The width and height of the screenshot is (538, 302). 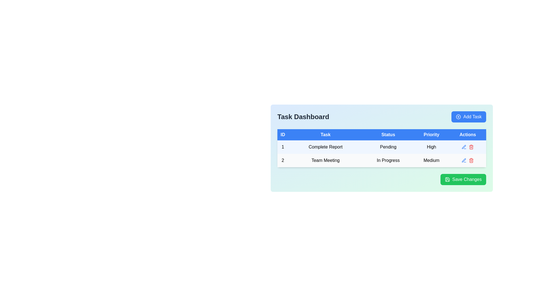 What do you see at coordinates (325, 135) in the screenshot?
I see `text content of the 'Task' column header in the table, which is the second column header located between the 'ID' and 'Status' headers` at bounding box center [325, 135].